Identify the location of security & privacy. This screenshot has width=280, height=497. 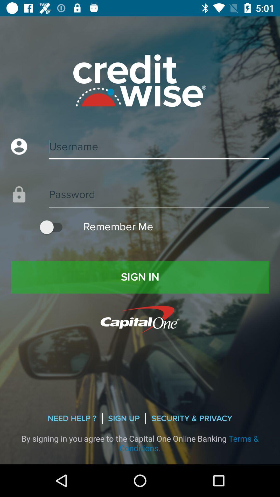
(192, 418).